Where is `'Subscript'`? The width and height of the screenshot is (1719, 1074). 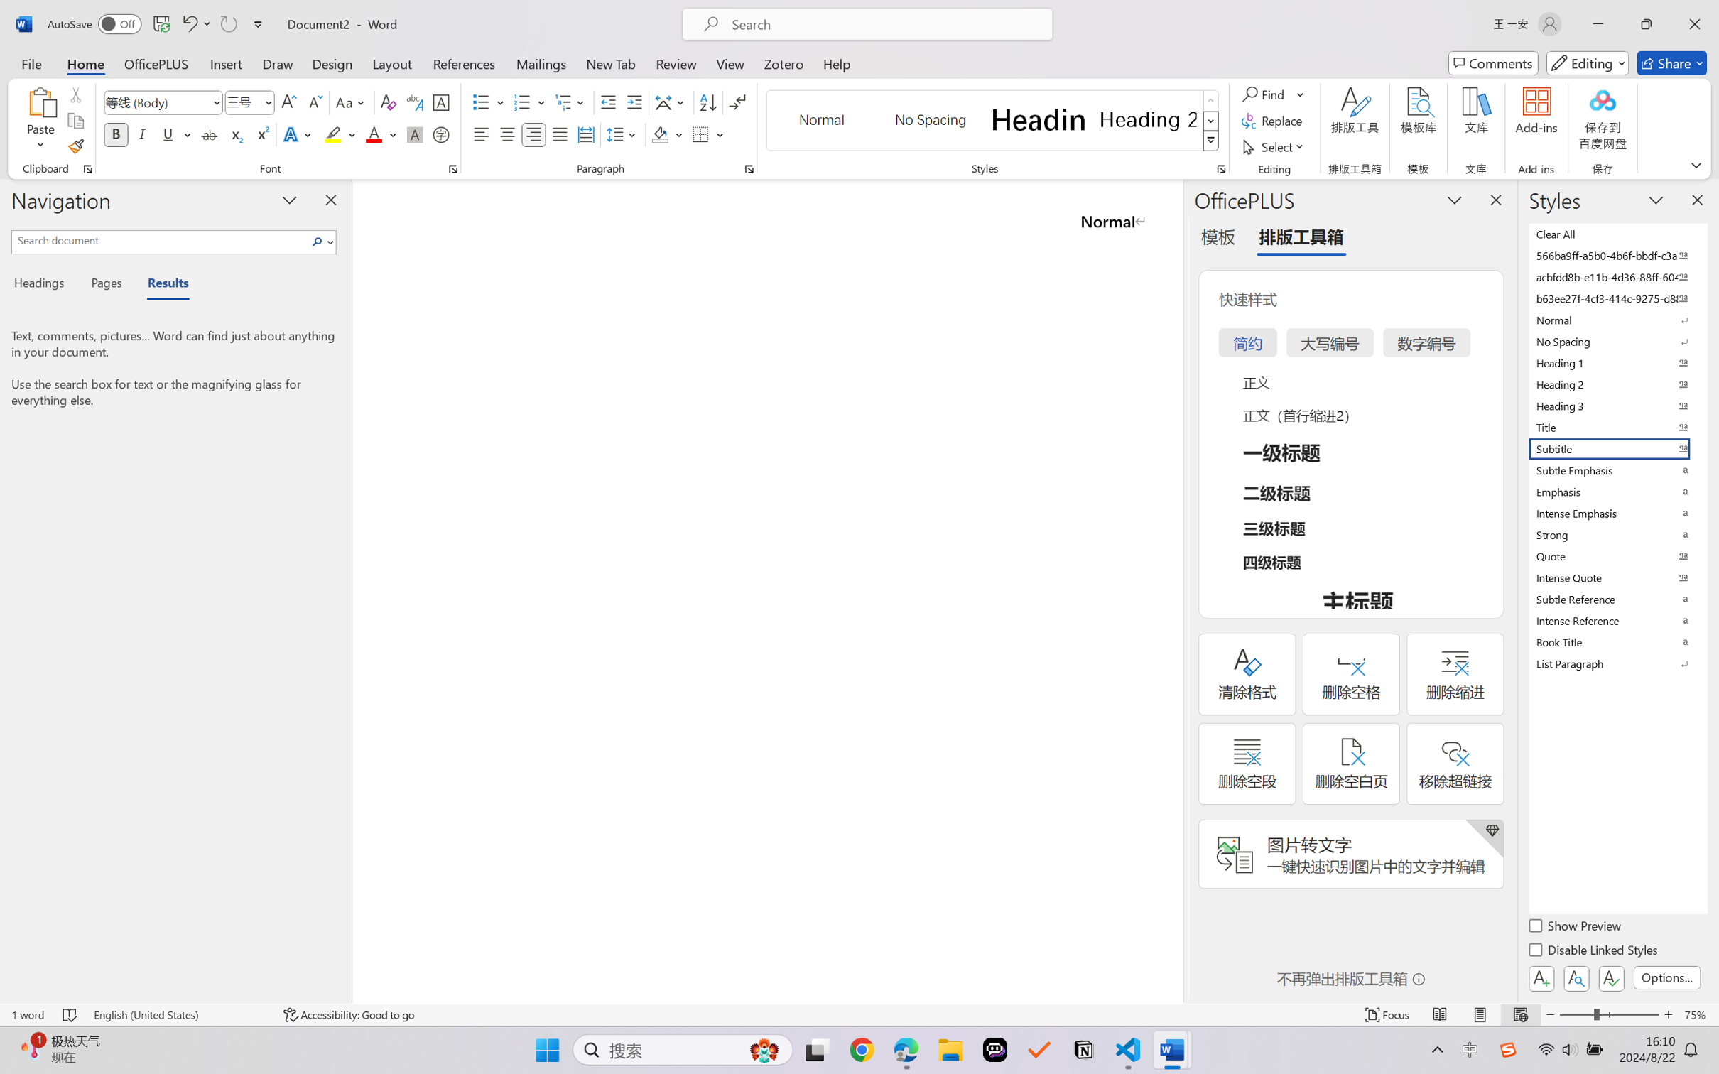
'Subscript' is located at coordinates (234, 134).